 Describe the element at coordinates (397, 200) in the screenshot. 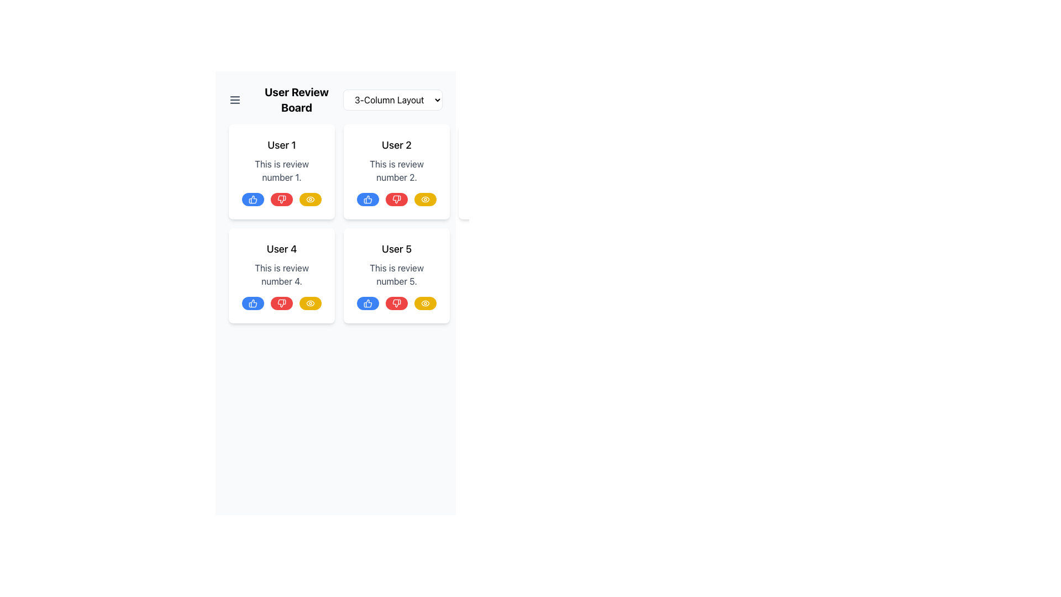

I see `the circular red thumbs-down button located in the bottom-right section of the card labeled 'User 2 This is review number 2.'` at that location.